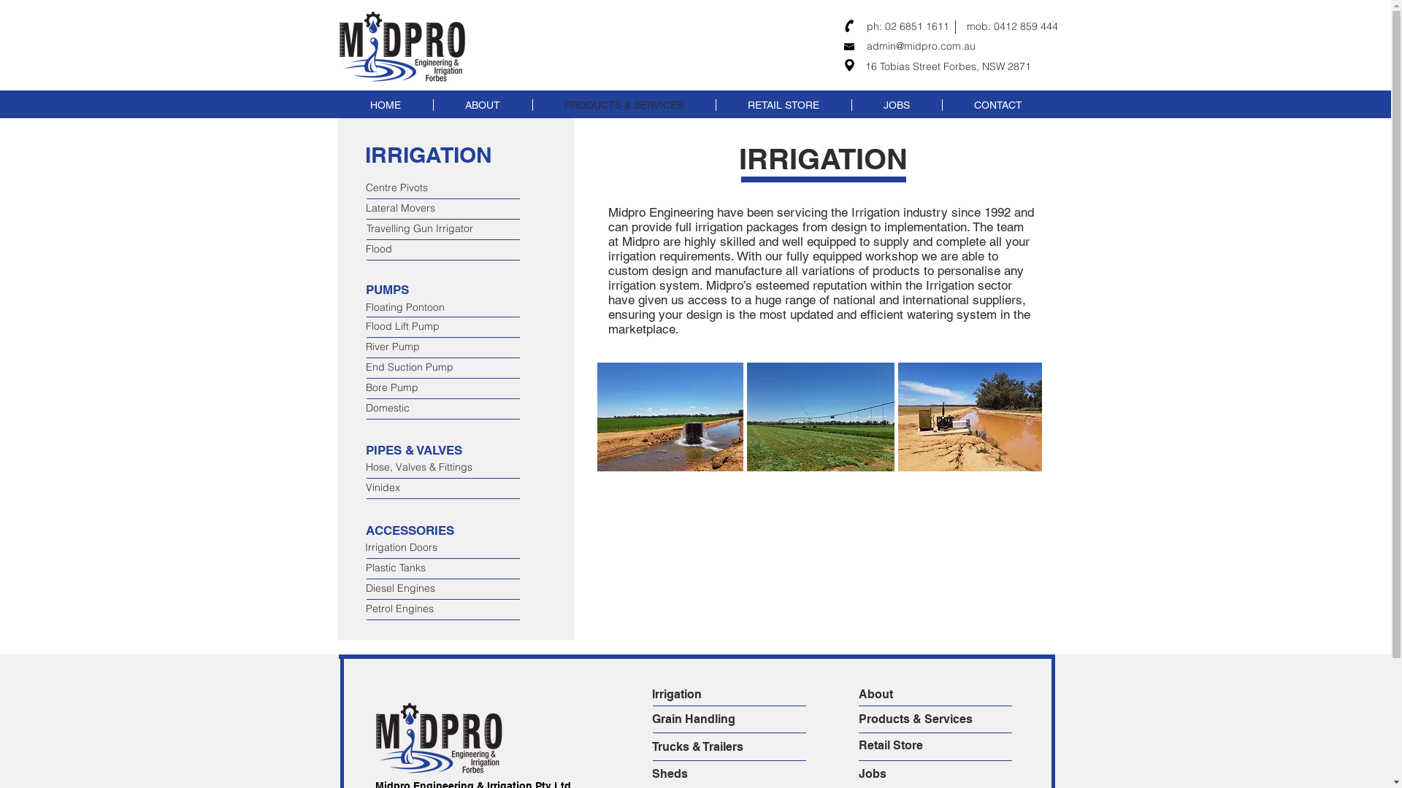 The height and width of the screenshot is (788, 1402). Describe the element at coordinates (419, 229) in the screenshot. I see `'Travelling Gun Irrigator'` at that location.